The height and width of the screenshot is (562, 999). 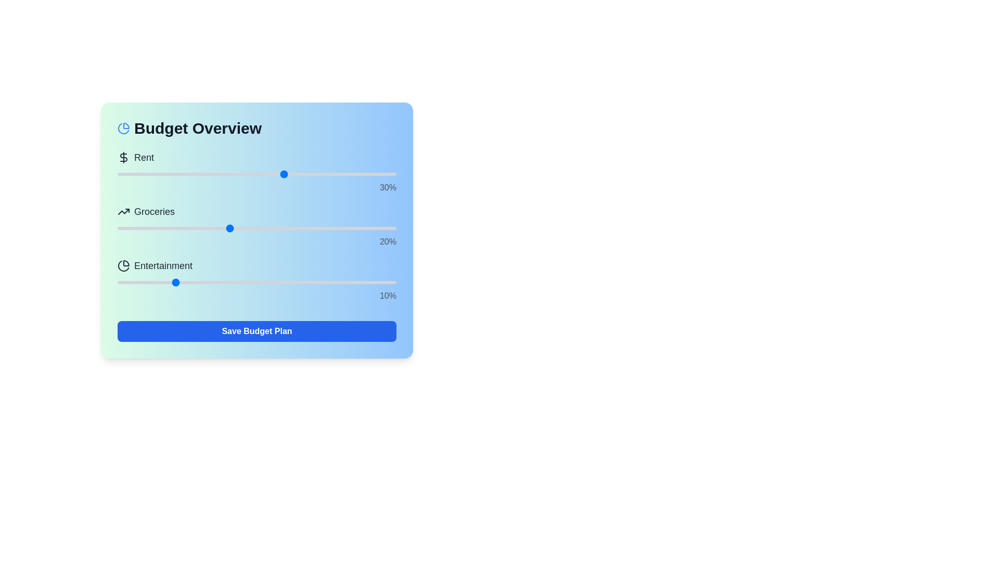 What do you see at coordinates (329, 283) in the screenshot?
I see `the slider` at bounding box center [329, 283].